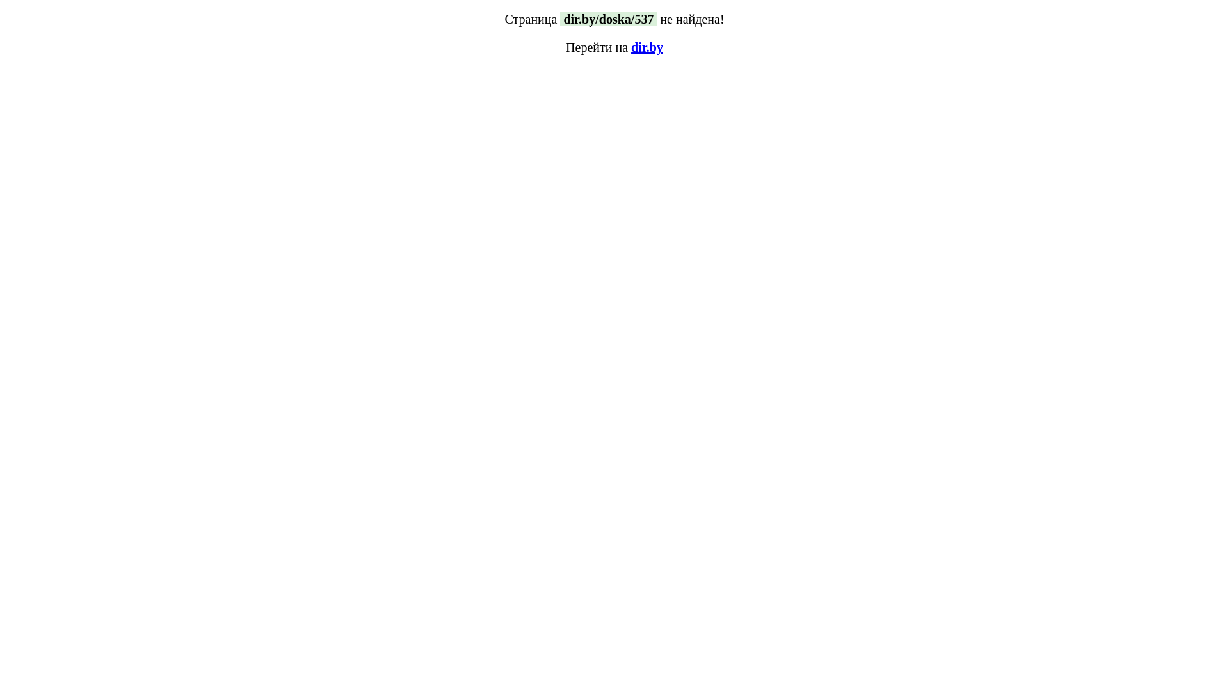 The height and width of the screenshot is (691, 1229). Describe the element at coordinates (647, 46) in the screenshot. I see `'dir.by'` at that location.